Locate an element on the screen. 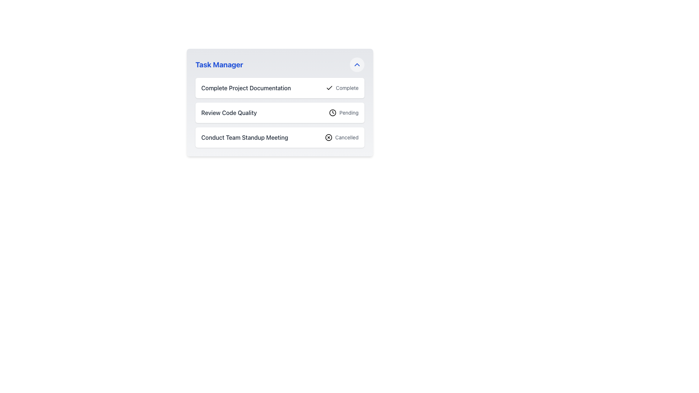 Image resolution: width=699 pixels, height=393 pixels. text 'Complete' next to the check icon in the task entry labeled 'Complete Project Documentation' within the 'Task Manager' section is located at coordinates (341, 88).